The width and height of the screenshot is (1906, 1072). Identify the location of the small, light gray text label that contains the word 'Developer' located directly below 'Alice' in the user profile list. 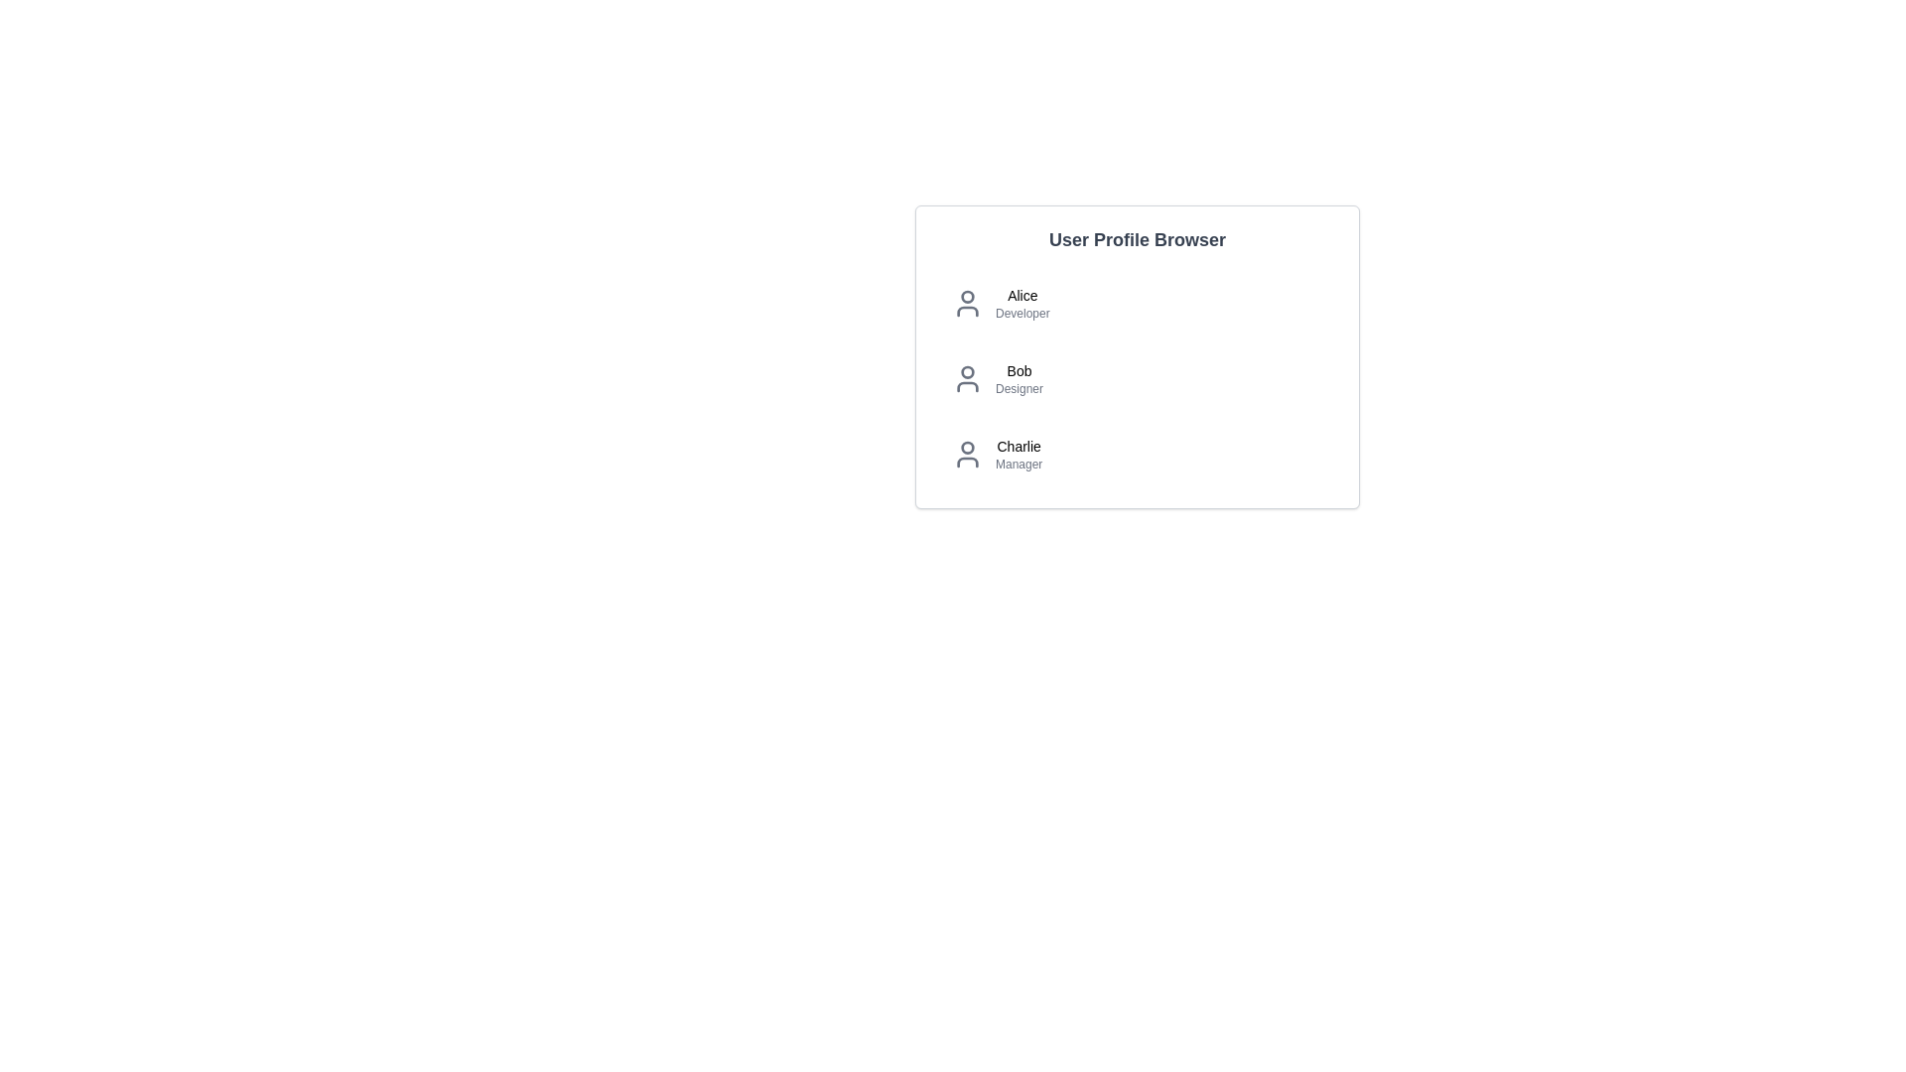
(1022, 313).